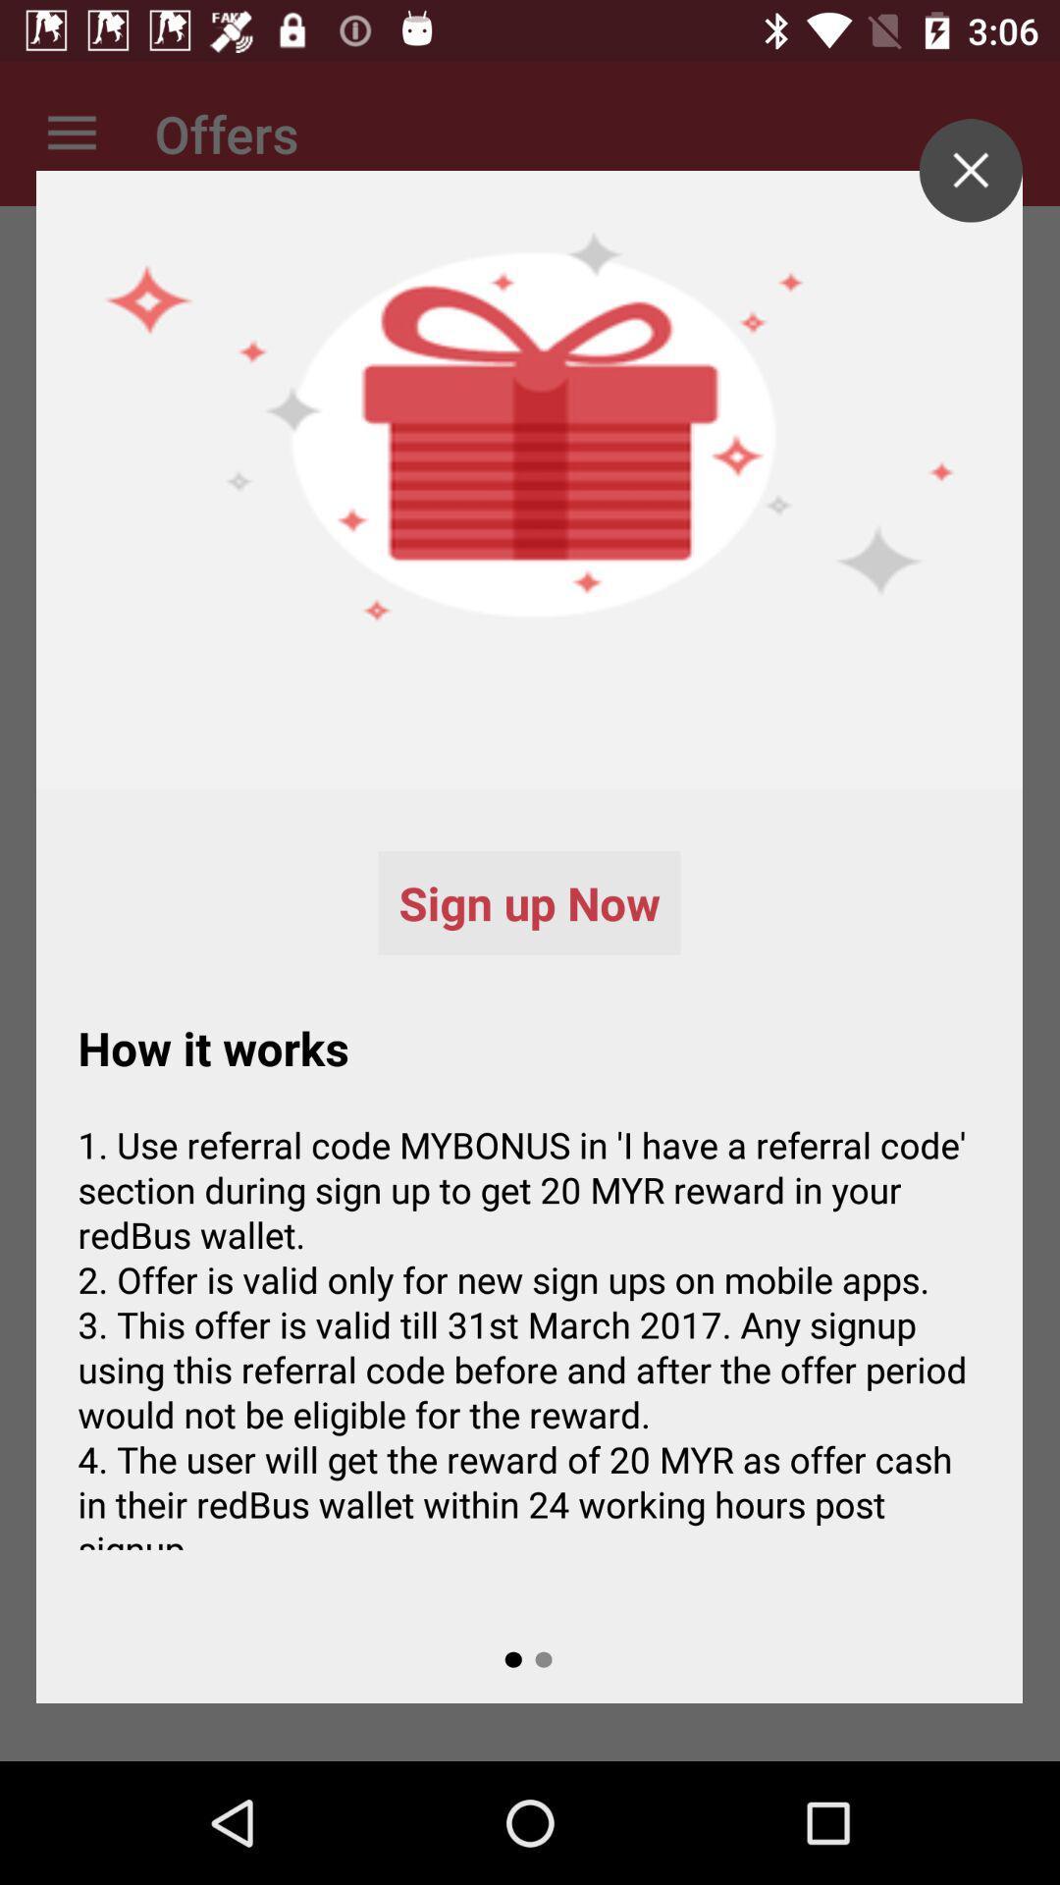 This screenshot has width=1060, height=1885. Describe the element at coordinates (970, 170) in the screenshot. I see `exit` at that location.